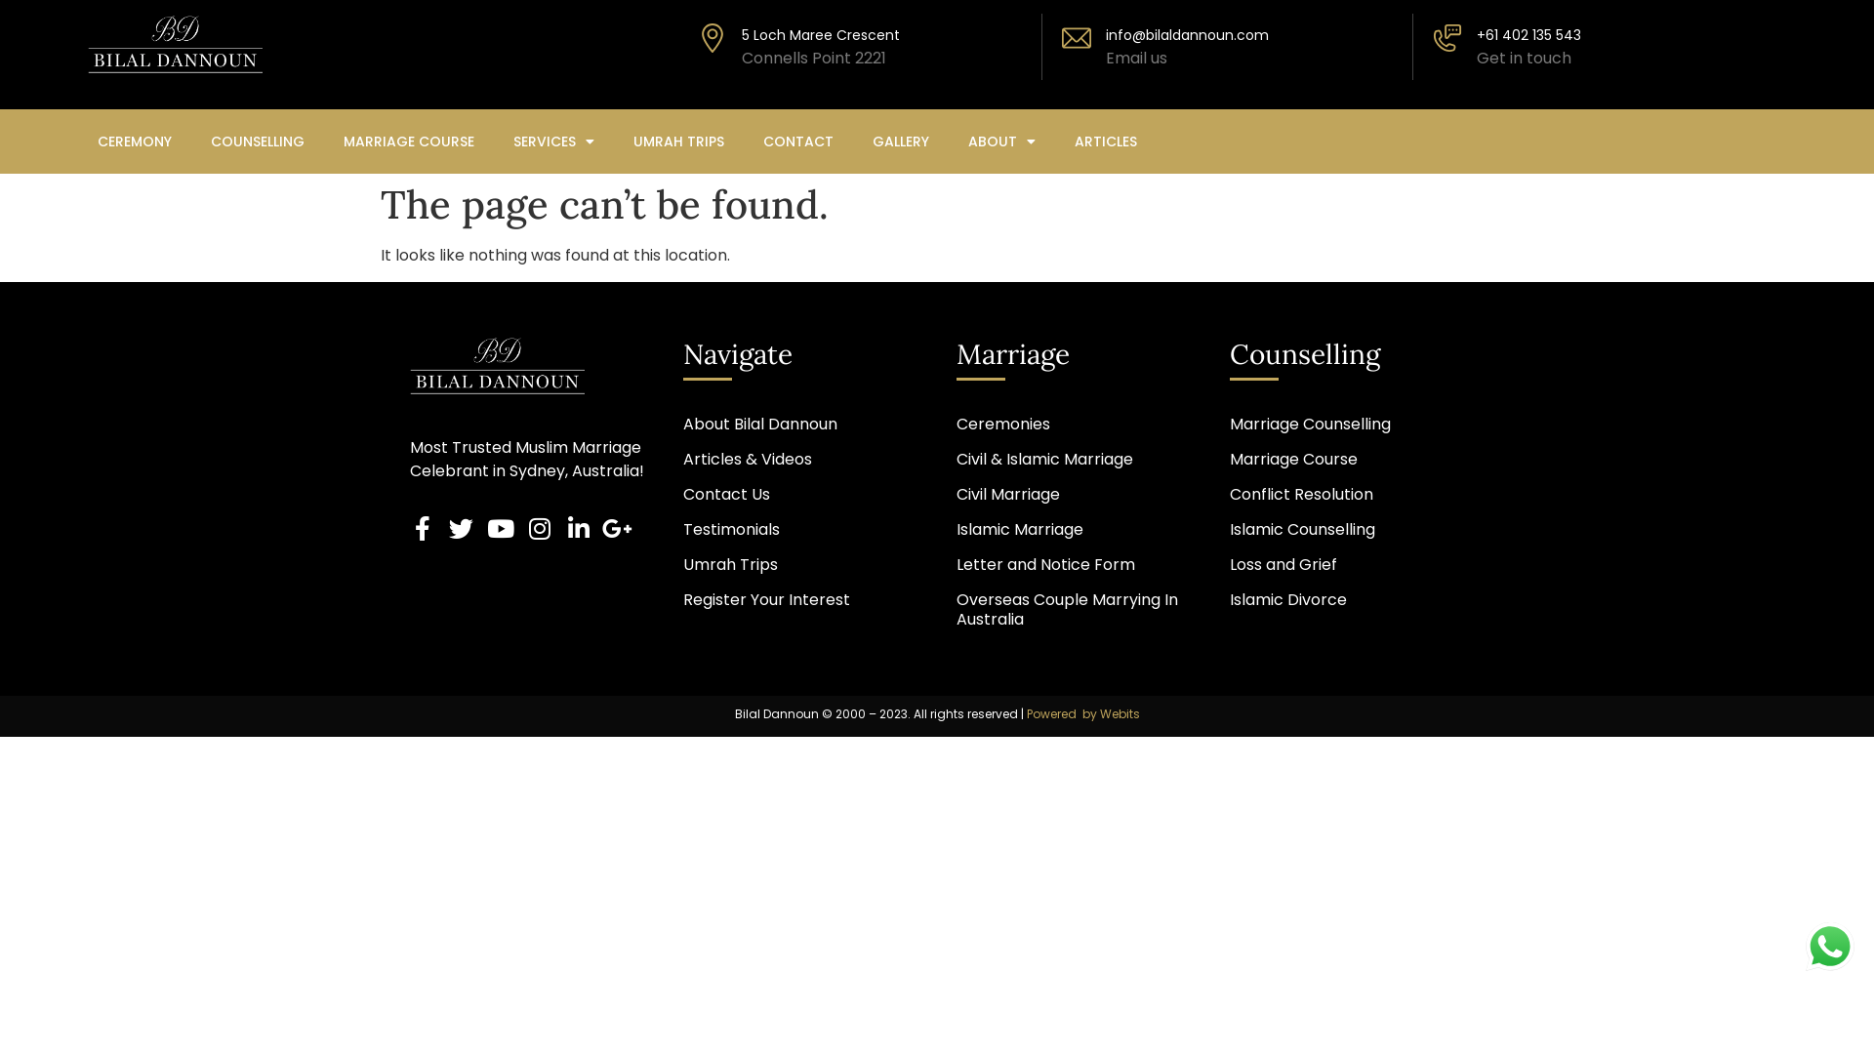 The width and height of the screenshot is (1874, 1054). Describe the element at coordinates (1072, 459) in the screenshot. I see `'Civil & Islamic Marriage'` at that location.